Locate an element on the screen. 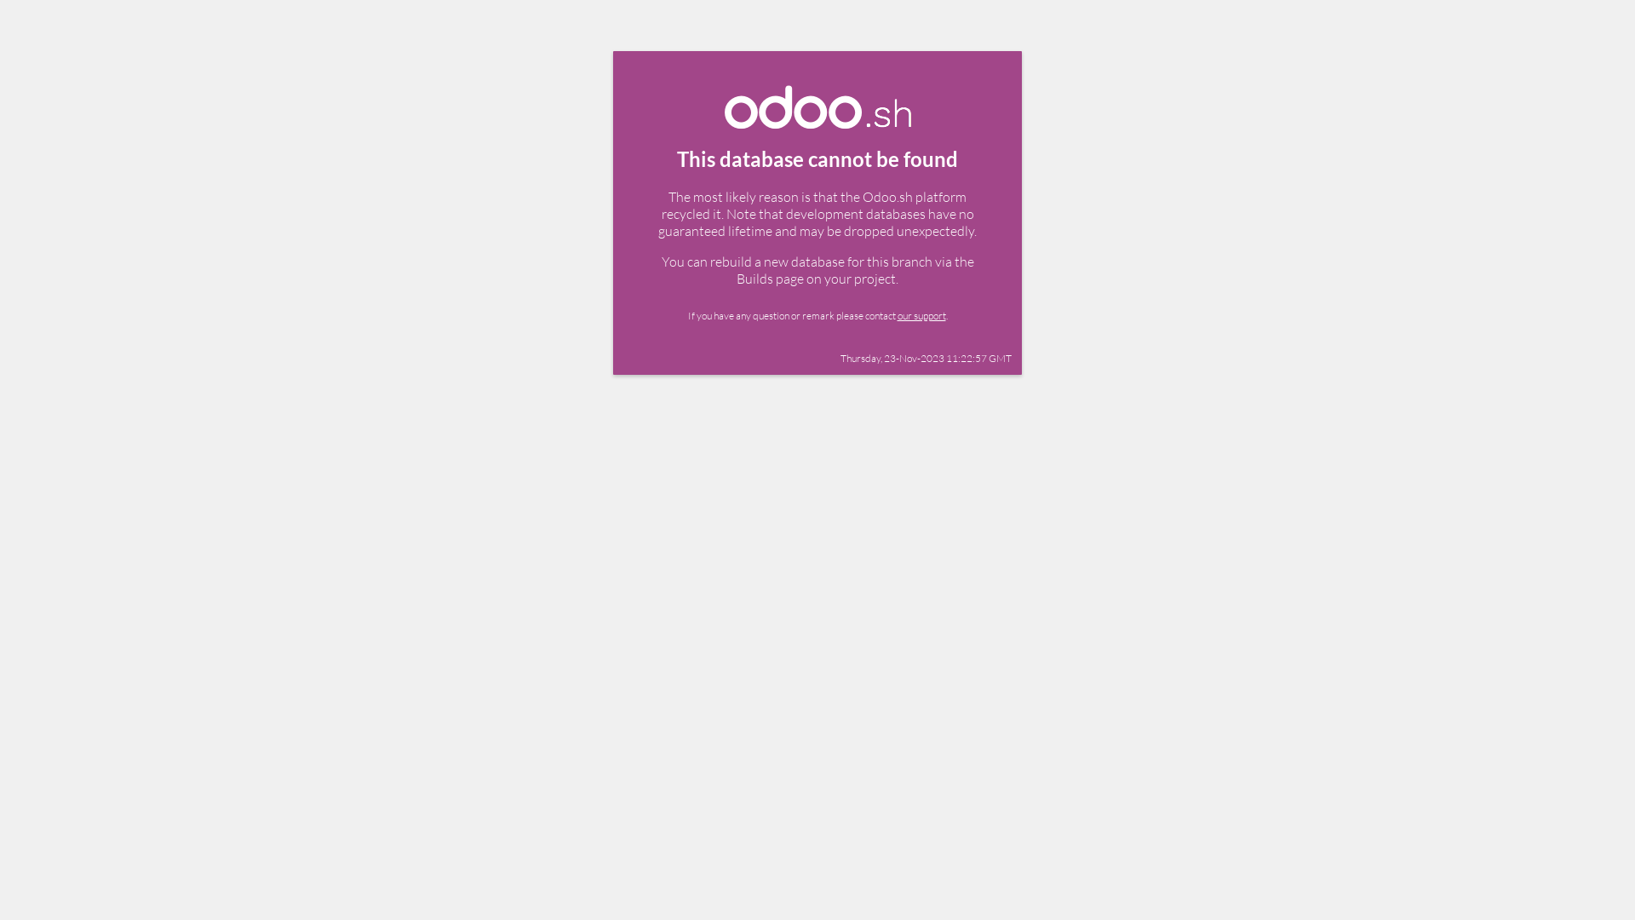  'our support' is located at coordinates (921, 315).